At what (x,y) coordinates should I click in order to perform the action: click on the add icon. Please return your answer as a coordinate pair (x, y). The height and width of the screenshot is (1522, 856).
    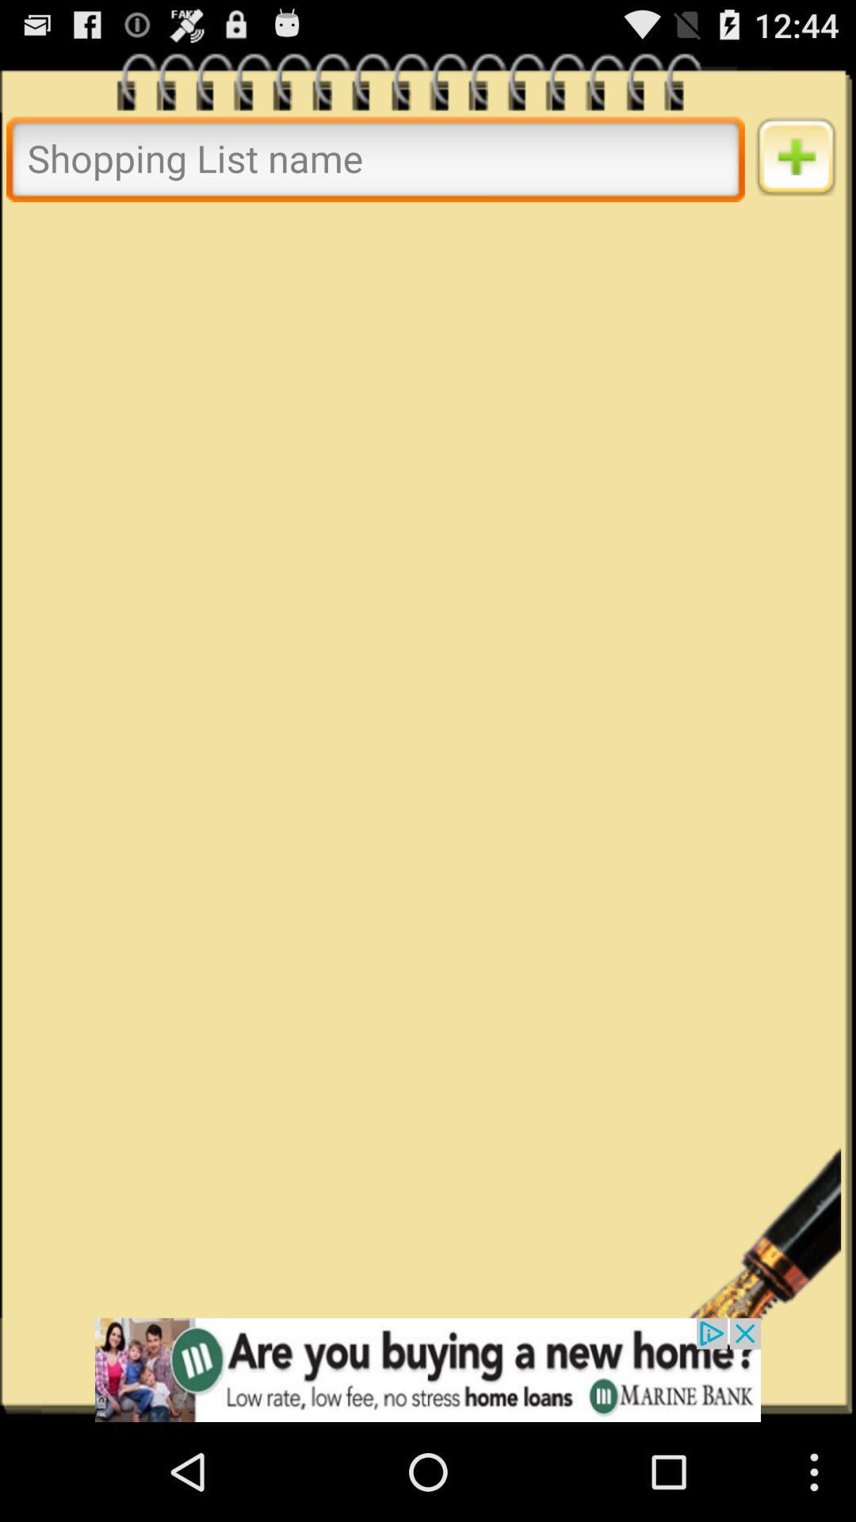
    Looking at the image, I should click on (796, 167).